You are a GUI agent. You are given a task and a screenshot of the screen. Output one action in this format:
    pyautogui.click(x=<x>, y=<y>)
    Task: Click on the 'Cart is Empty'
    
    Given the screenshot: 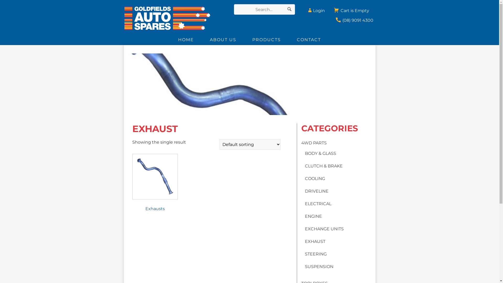 What is the action you would take?
    pyautogui.click(x=351, y=9)
    